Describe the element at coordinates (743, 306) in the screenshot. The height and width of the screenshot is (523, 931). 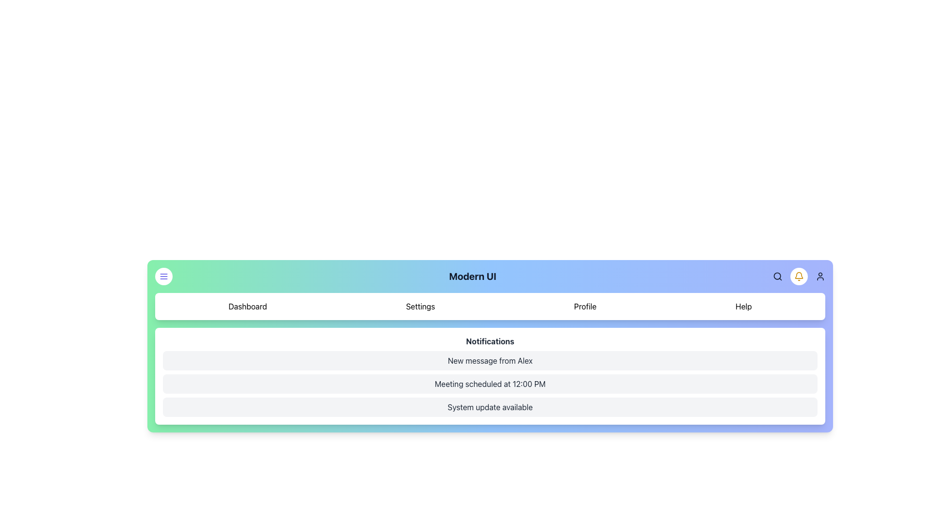
I see `the 'Help' text-based navigation link in the horizontal navigation bar` at that location.